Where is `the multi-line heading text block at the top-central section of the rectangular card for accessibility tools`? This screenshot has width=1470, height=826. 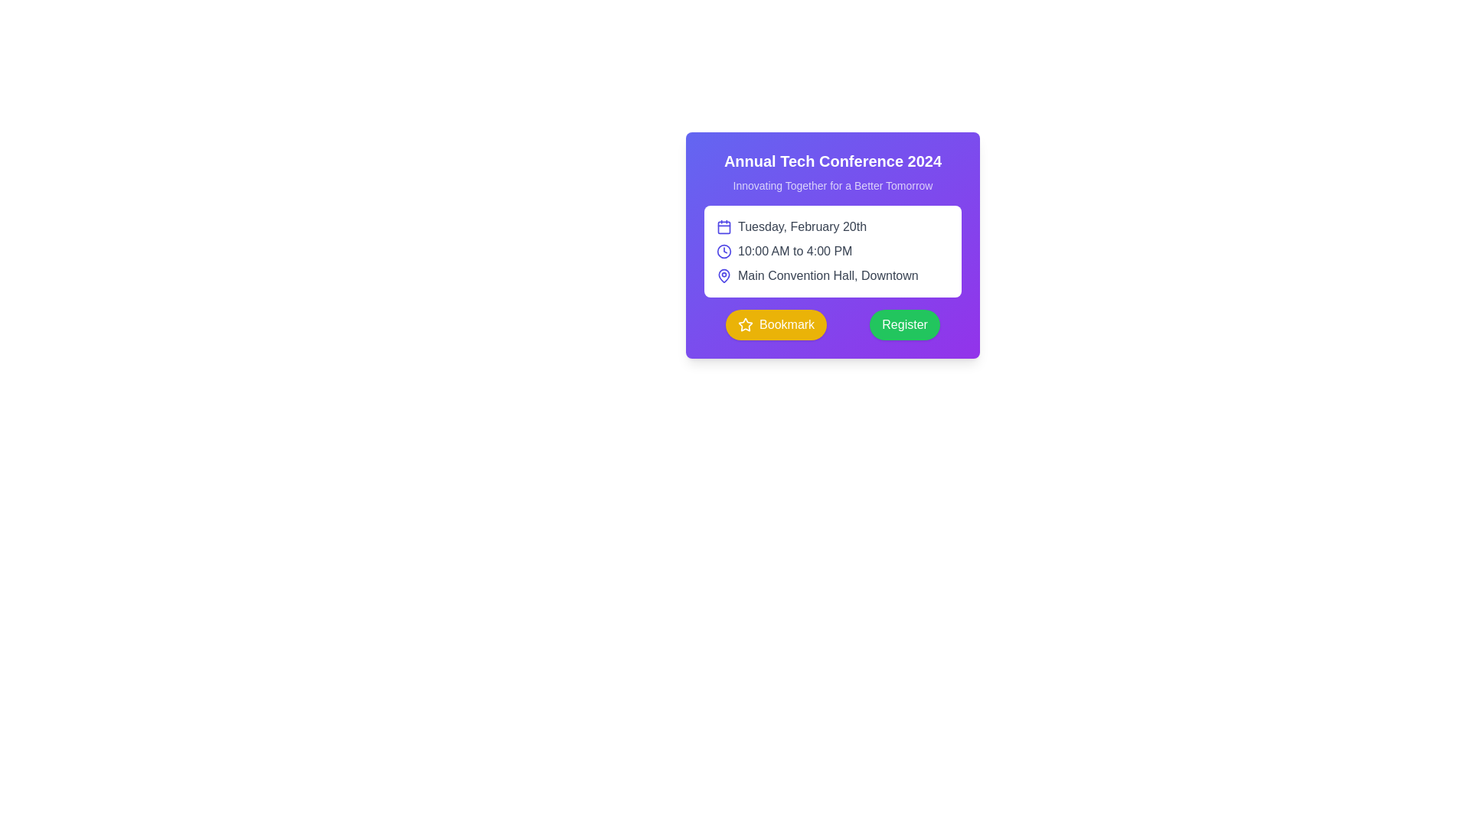
the multi-line heading text block at the top-central section of the rectangular card for accessibility tools is located at coordinates (832, 171).